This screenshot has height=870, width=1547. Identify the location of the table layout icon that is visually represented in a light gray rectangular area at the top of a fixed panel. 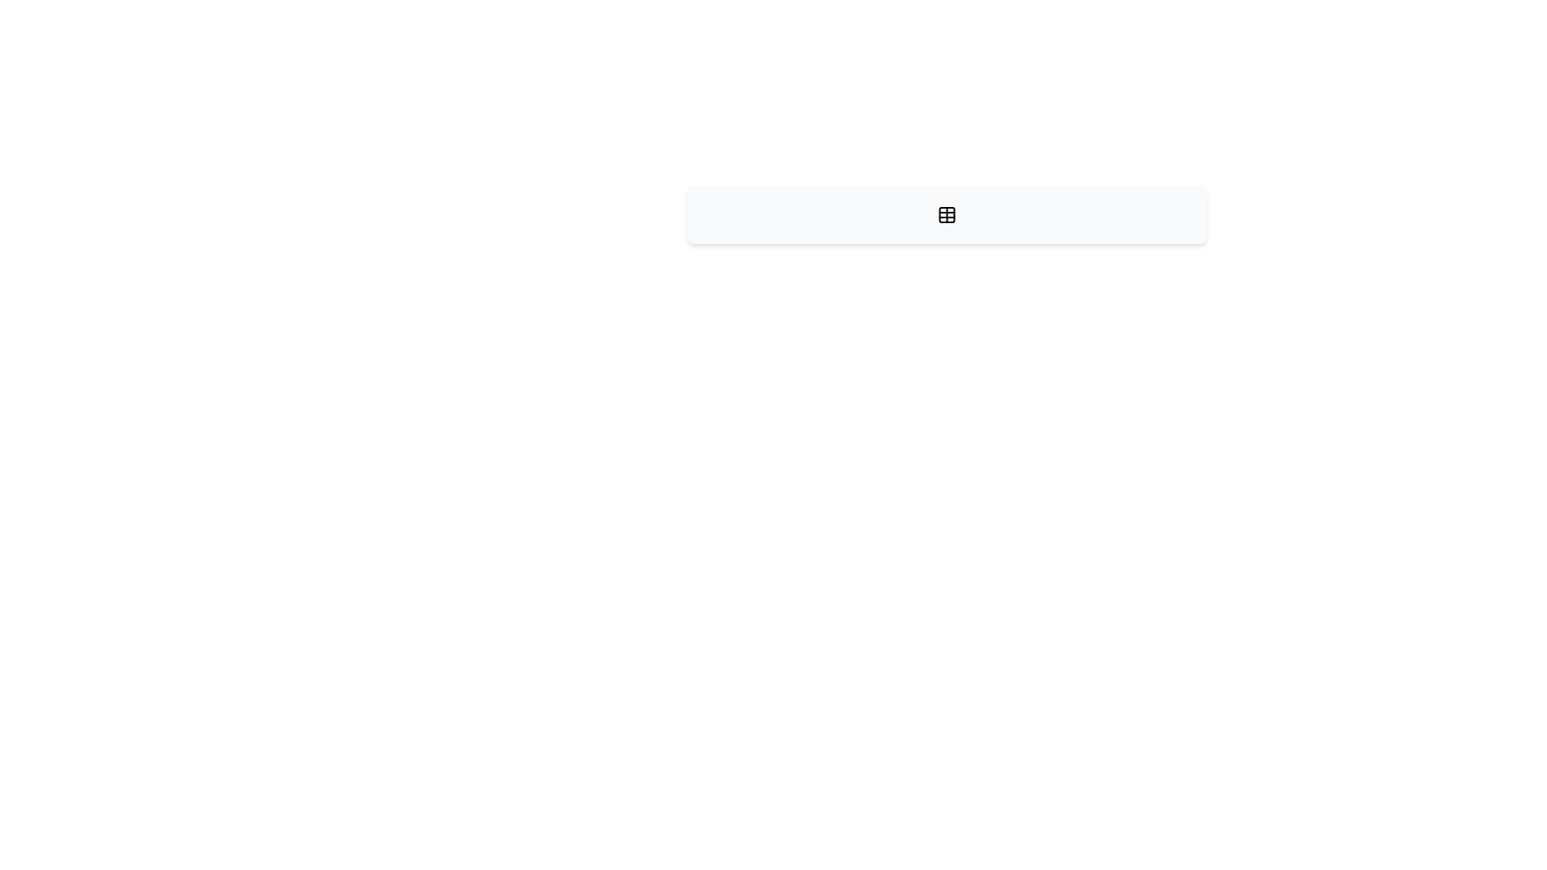
(947, 213).